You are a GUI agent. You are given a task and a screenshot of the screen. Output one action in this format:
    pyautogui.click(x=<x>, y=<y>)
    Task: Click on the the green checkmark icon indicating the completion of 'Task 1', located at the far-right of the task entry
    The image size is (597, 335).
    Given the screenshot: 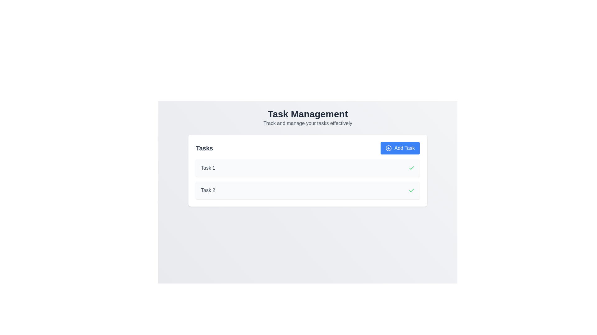 What is the action you would take?
    pyautogui.click(x=412, y=190)
    